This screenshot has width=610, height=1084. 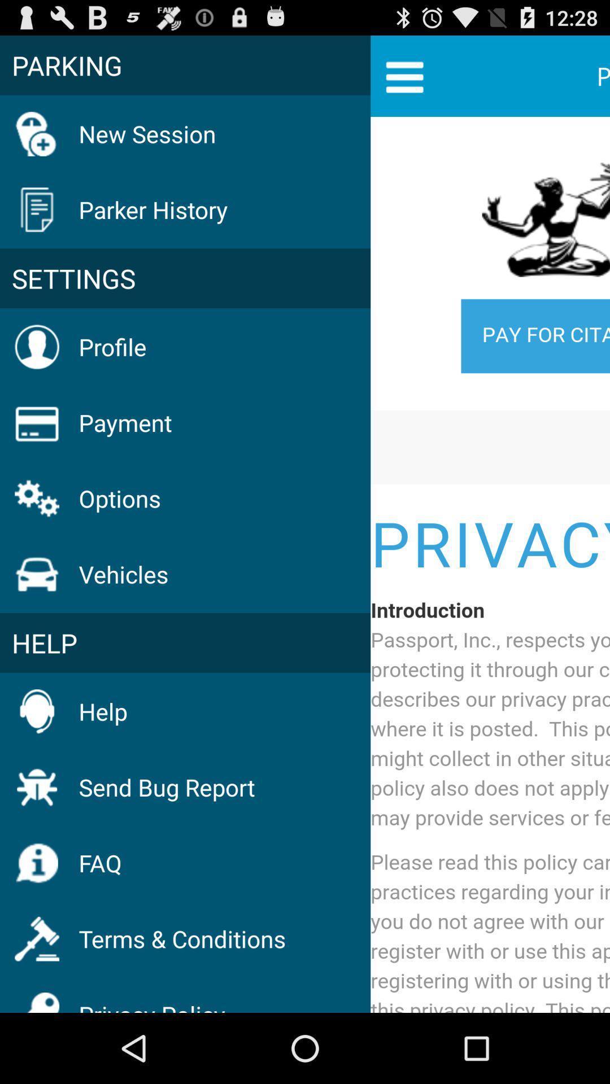 What do you see at coordinates (404, 81) in the screenshot?
I see `the menu icon` at bounding box center [404, 81].